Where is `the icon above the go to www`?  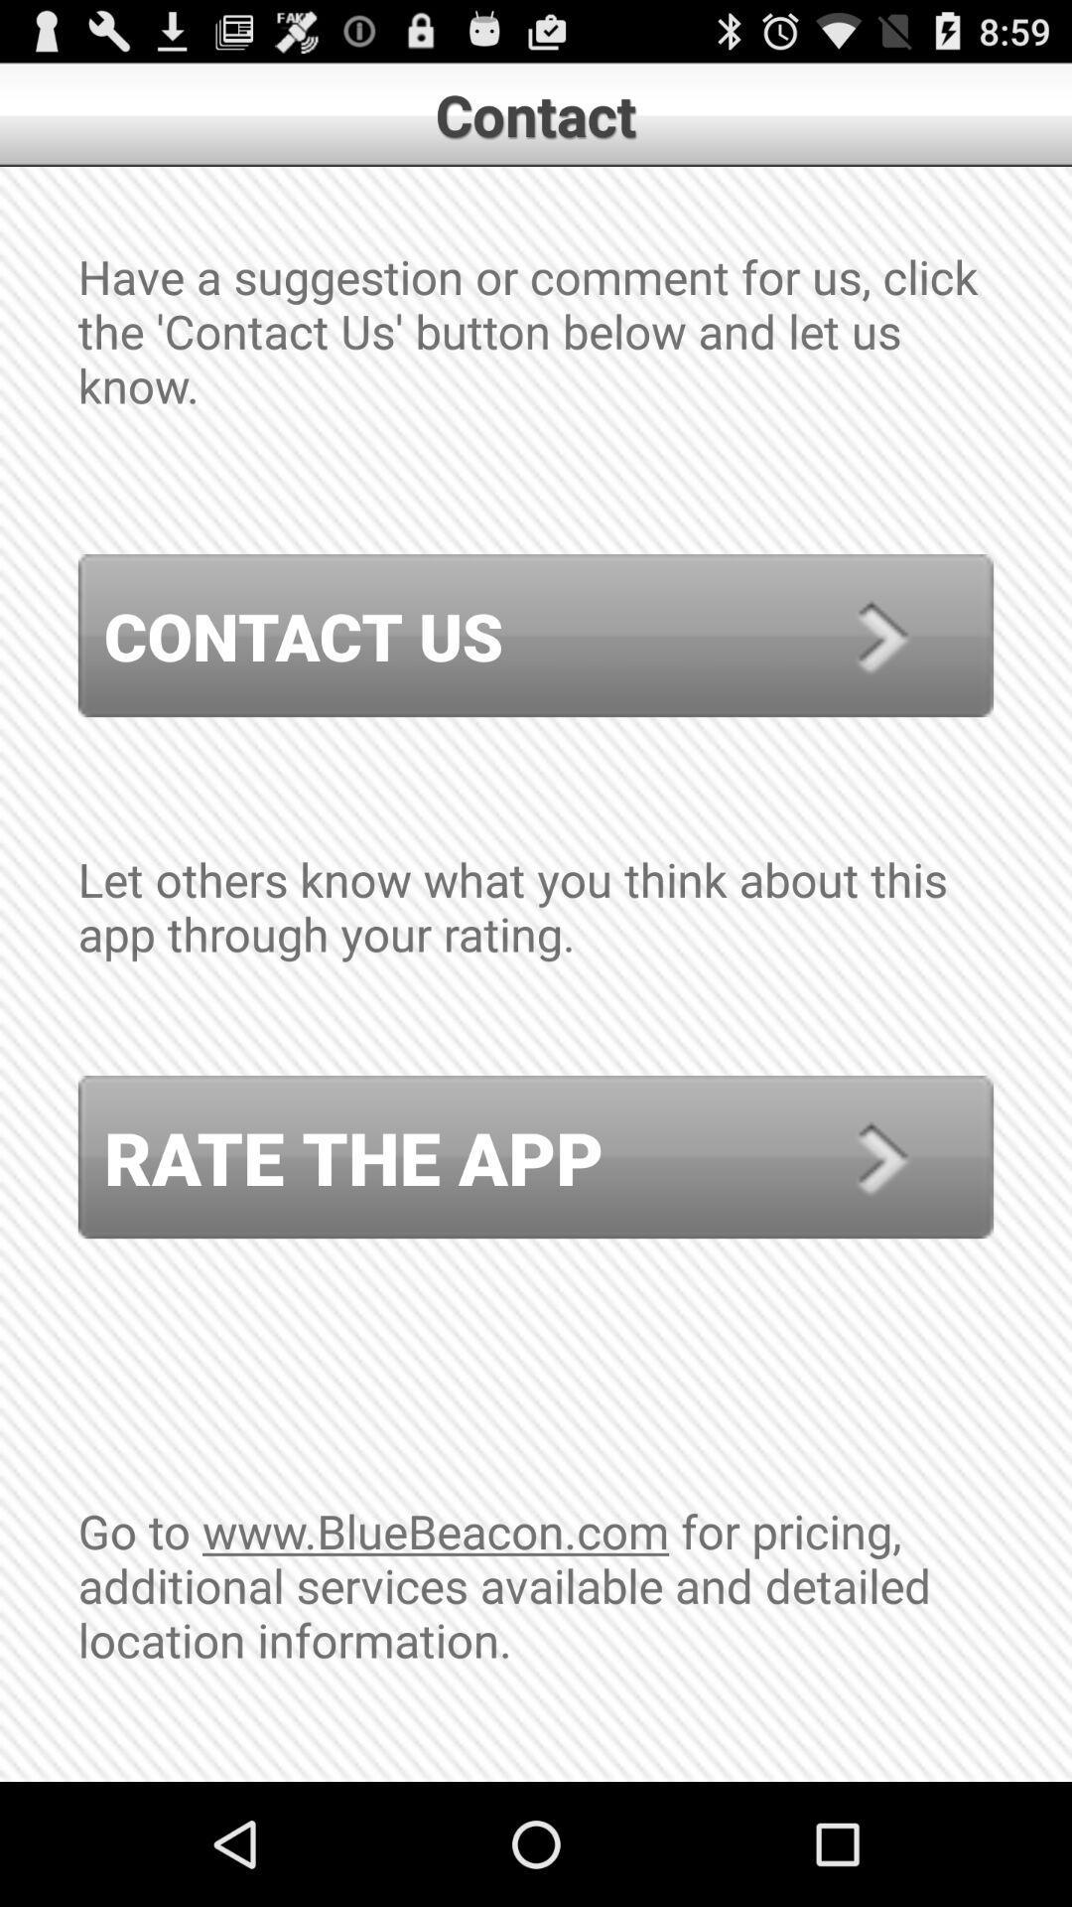 the icon above the go to www is located at coordinates (536, 1157).